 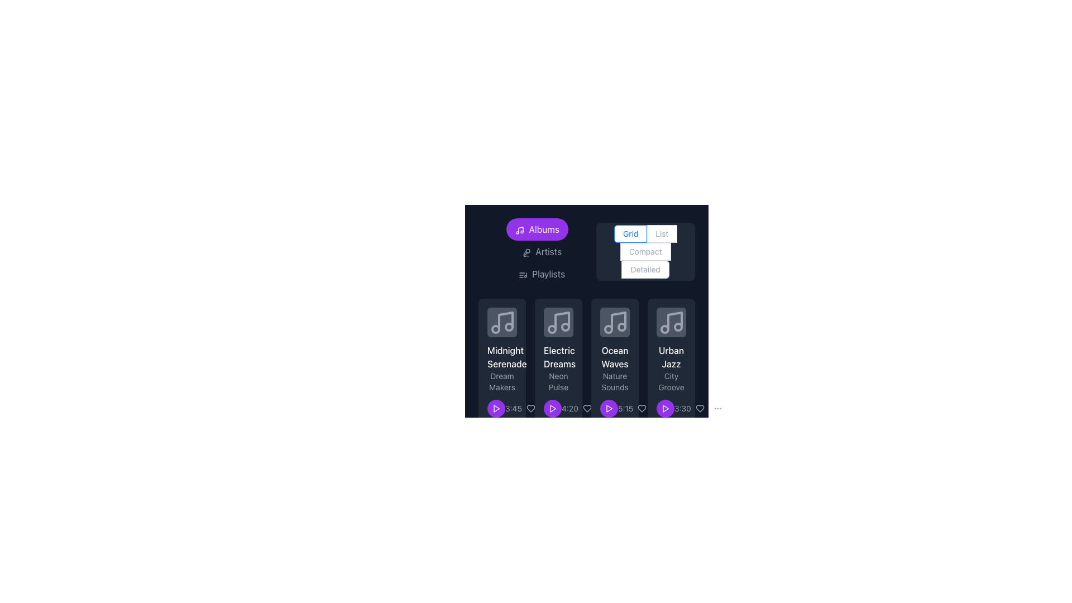 I want to click on the static text label displaying 'Dream Makers', located in the bottom section of the leftmost card in a 4-card grid, which is beneath 'Midnight Serenade' and above the play button, so click(x=501, y=381).